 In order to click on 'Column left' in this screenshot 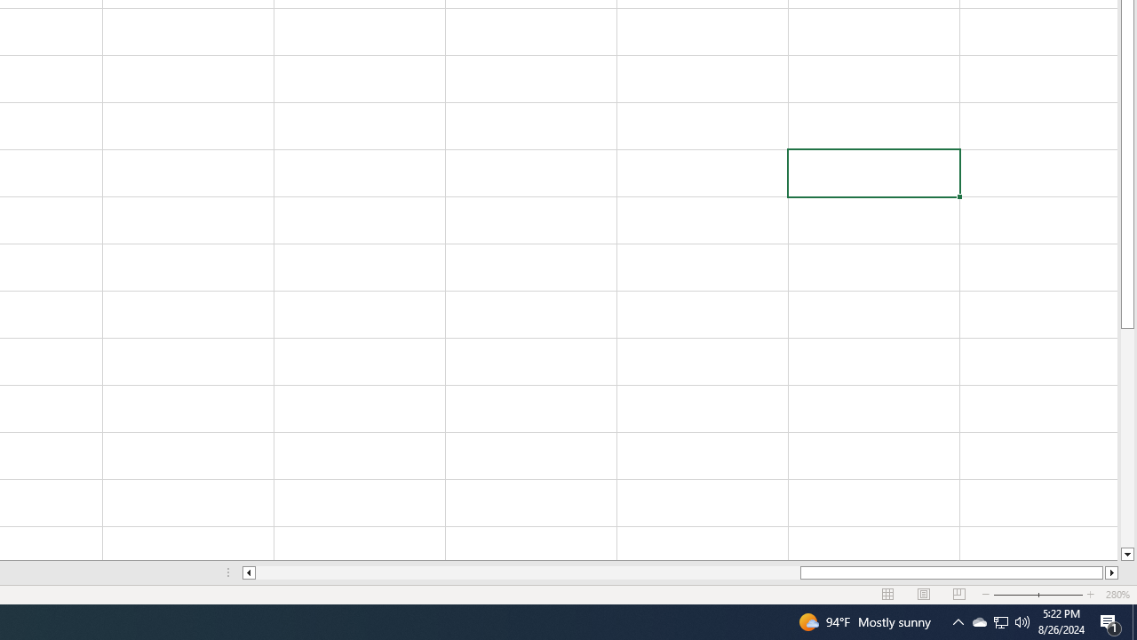, I will do `click(247, 572)`.